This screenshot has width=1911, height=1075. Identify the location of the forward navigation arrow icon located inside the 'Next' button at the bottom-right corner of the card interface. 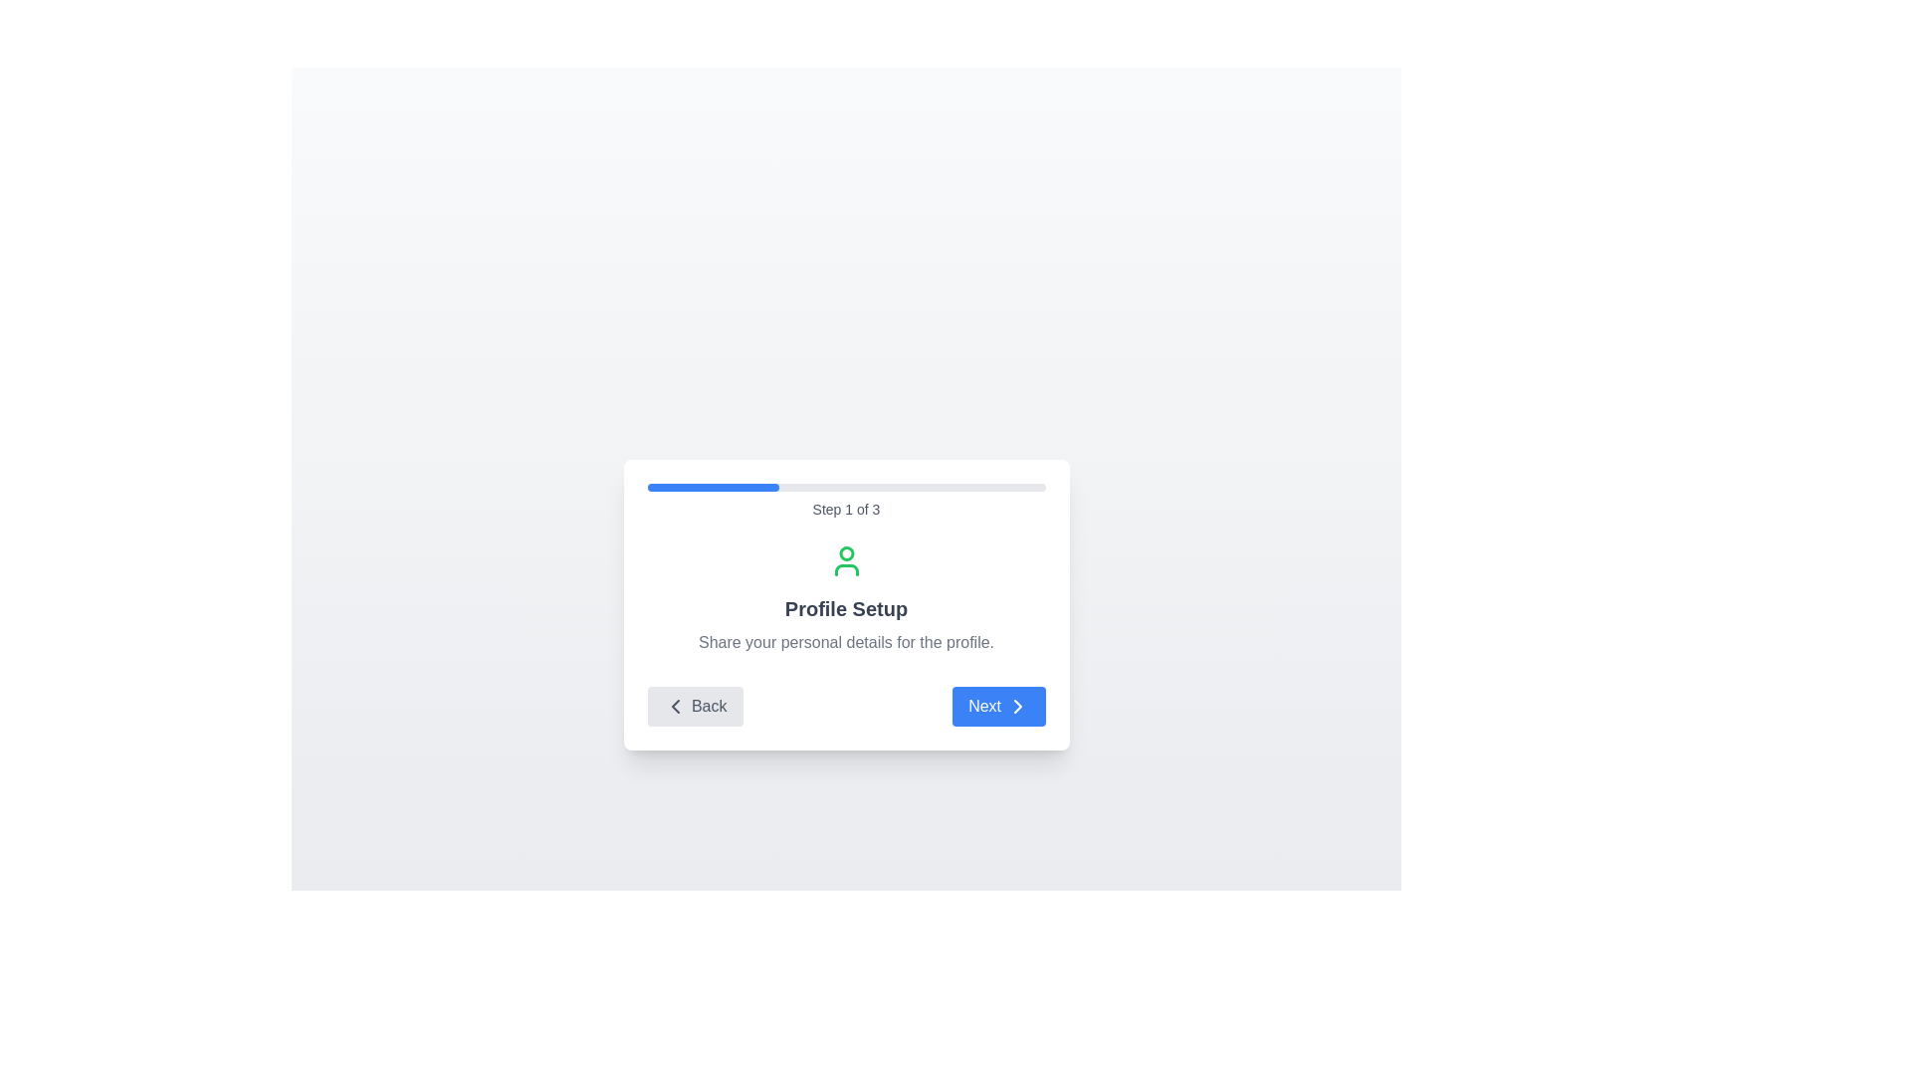
(1017, 706).